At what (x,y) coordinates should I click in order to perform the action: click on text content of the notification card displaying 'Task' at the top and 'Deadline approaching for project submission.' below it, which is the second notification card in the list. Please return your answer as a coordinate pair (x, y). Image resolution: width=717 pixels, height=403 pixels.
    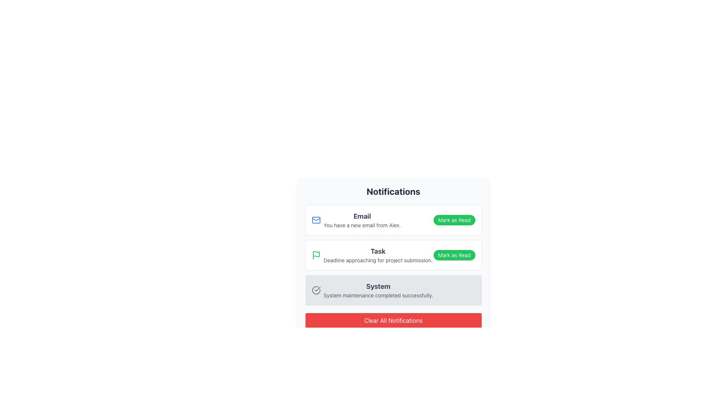
    Looking at the image, I should click on (378, 254).